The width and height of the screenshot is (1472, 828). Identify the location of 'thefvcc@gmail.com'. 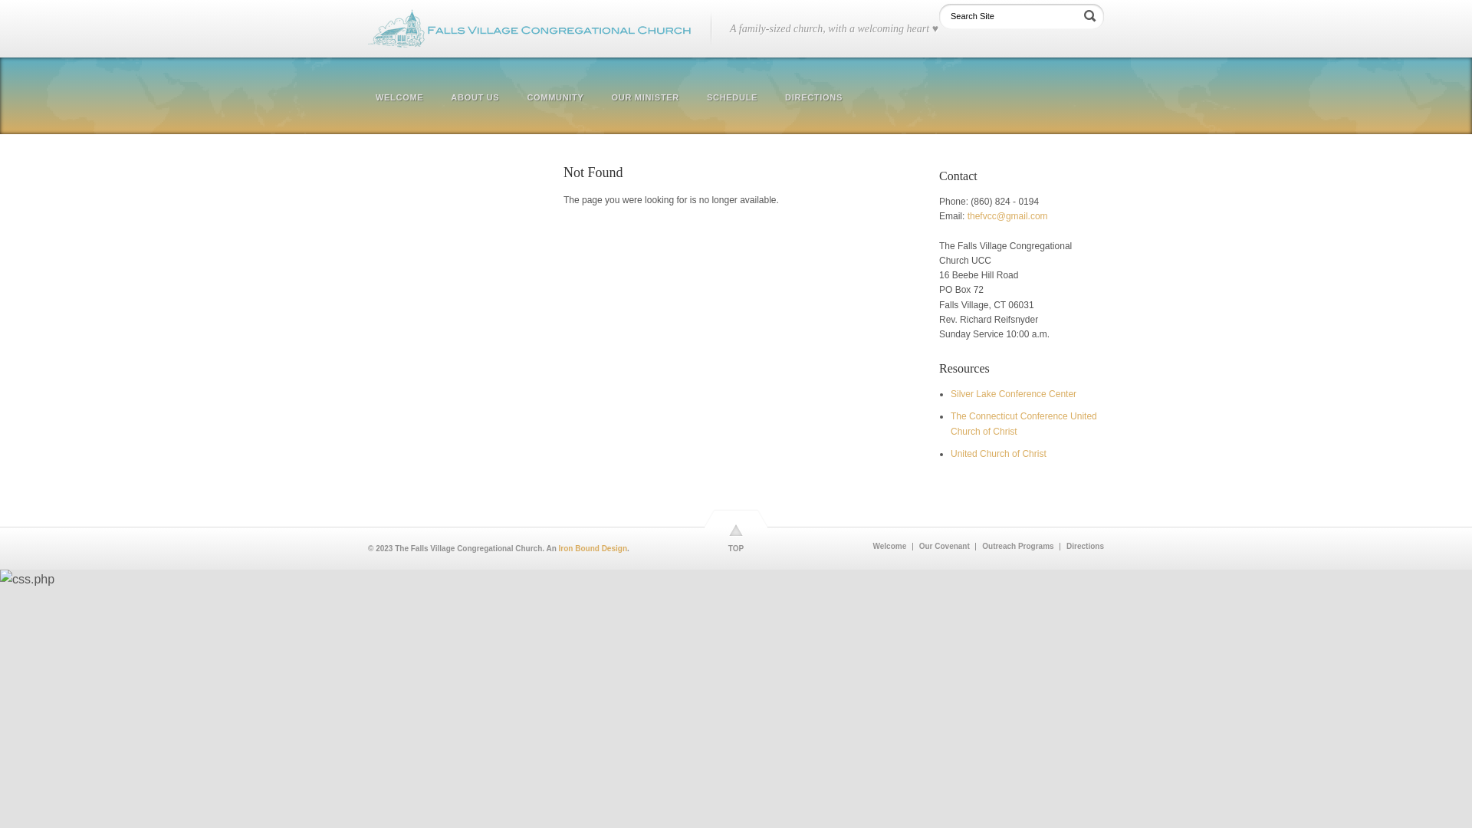
(1007, 215).